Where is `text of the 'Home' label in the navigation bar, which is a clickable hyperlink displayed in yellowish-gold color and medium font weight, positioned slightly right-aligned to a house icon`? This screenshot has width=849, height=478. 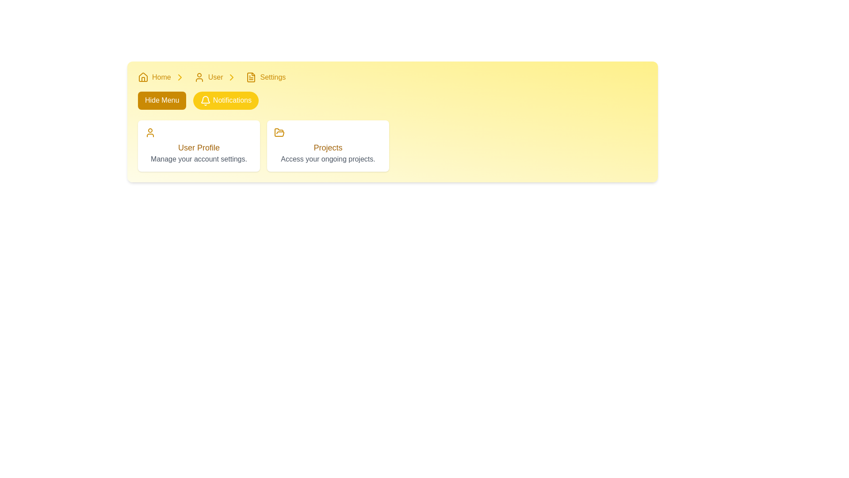
text of the 'Home' label in the navigation bar, which is a clickable hyperlink displayed in yellowish-gold color and medium font weight, positioned slightly right-aligned to a house icon is located at coordinates (161, 77).